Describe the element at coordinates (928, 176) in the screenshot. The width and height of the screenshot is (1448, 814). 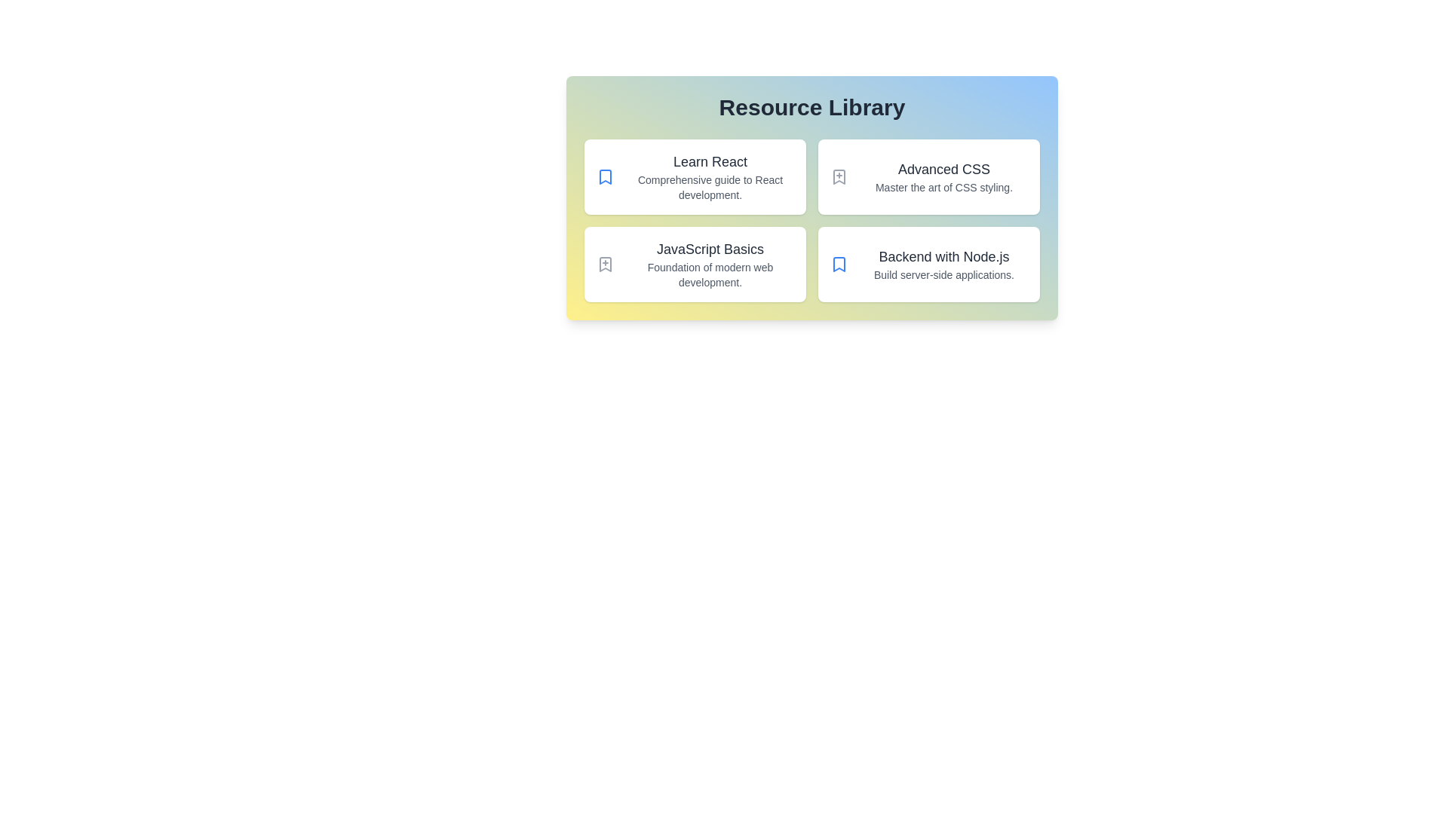
I see `the resource card titled Advanced CSS` at that location.